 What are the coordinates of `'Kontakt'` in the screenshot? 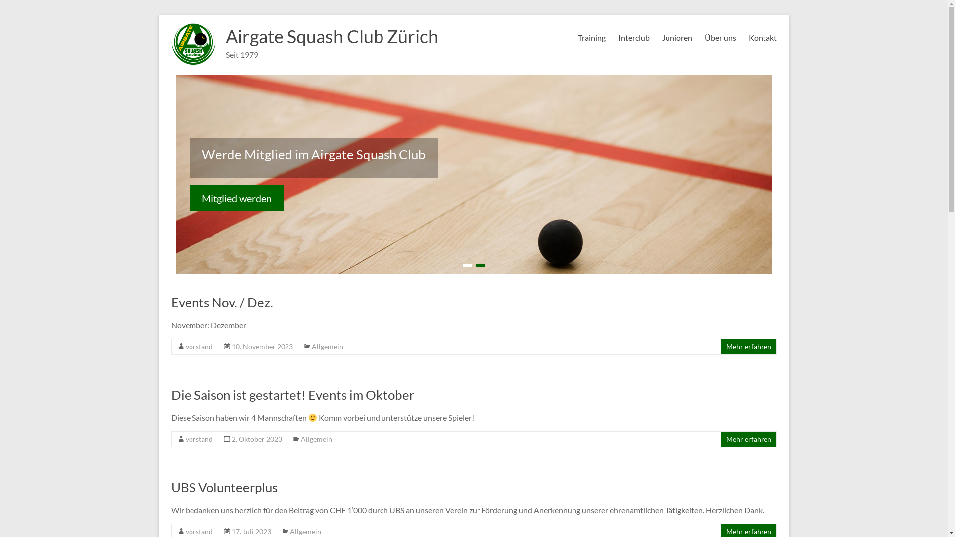 It's located at (762, 36).